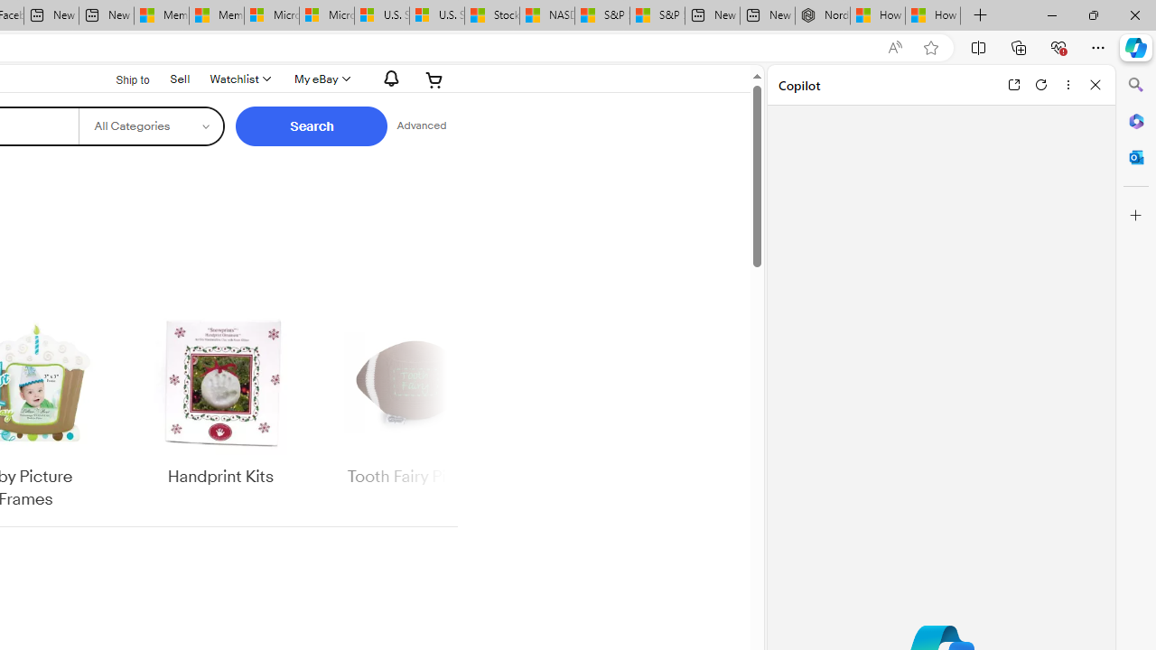 This screenshot has height=650, width=1156. What do you see at coordinates (1135, 120) in the screenshot?
I see `'Microsoft 365'` at bounding box center [1135, 120].